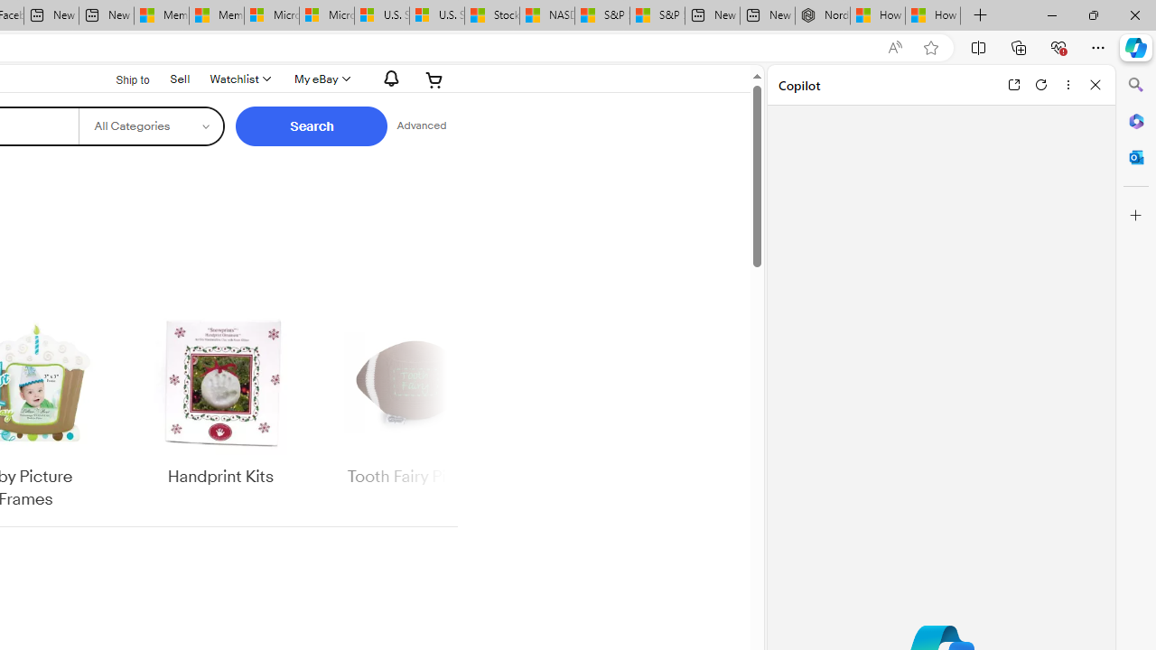 This screenshot has height=650, width=1156. What do you see at coordinates (1135, 120) in the screenshot?
I see `'Microsoft 365'` at bounding box center [1135, 120].